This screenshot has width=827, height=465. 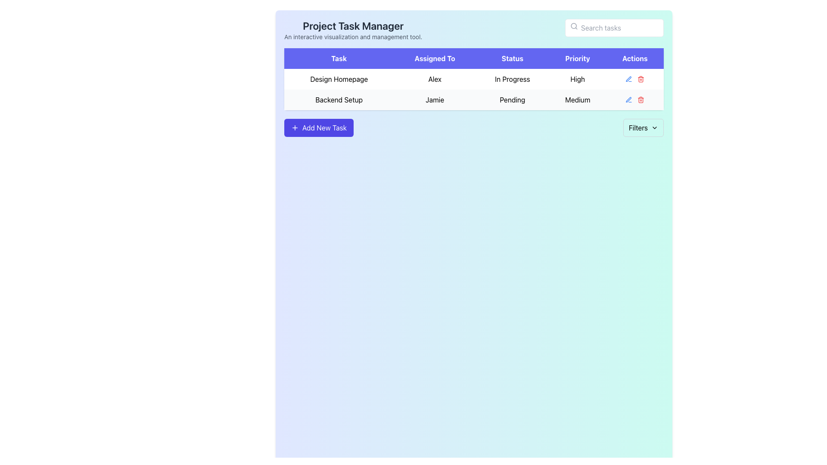 I want to click on displayed text of the bold heading 'Project Task Manager' and its subtitle 'An interactive visualization and management tool.' located at the upper-left corner of the interface, so click(x=353, y=29).